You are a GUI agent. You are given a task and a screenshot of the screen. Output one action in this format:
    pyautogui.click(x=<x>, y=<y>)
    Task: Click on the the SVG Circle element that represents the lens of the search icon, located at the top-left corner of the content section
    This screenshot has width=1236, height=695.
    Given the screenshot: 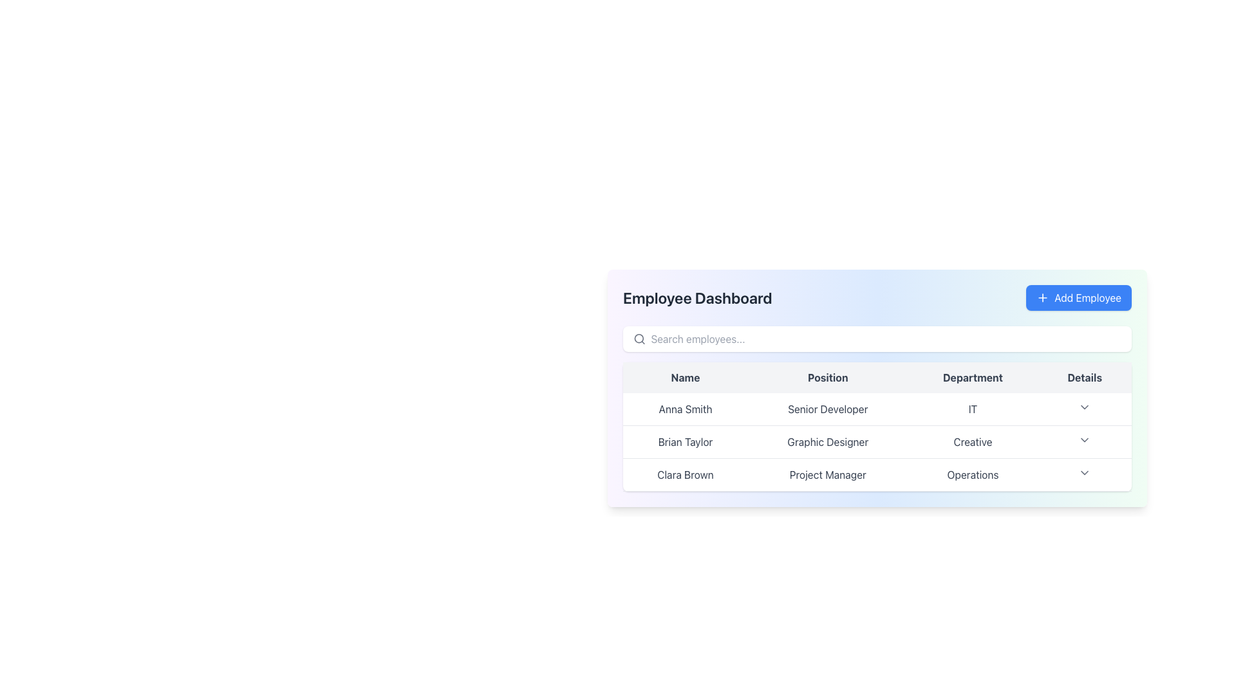 What is the action you would take?
    pyautogui.click(x=639, y=338)
    